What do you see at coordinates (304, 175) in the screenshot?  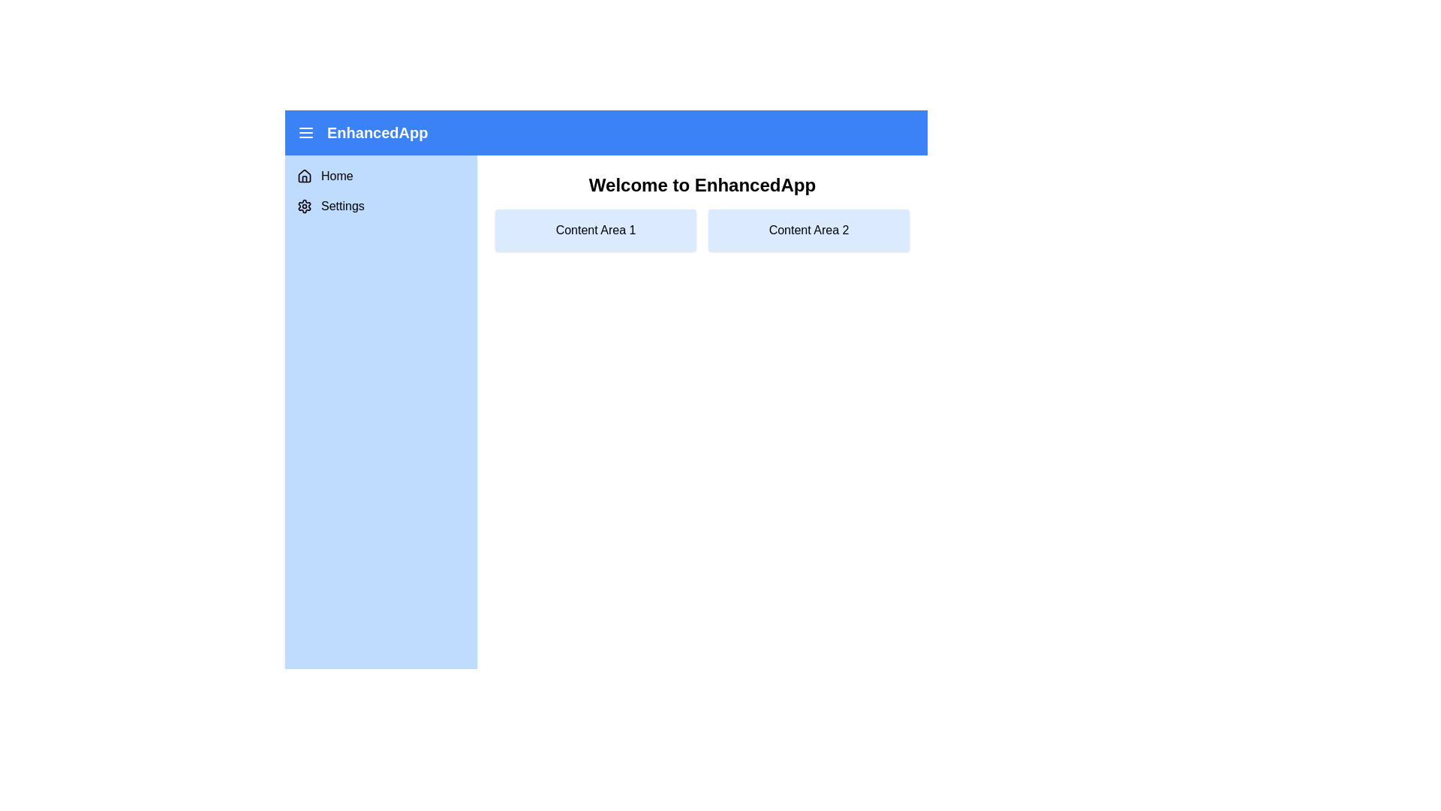 I see `the house icon located in the sidebar menu next to the 'Home' text` at bounding box center [304, 175].